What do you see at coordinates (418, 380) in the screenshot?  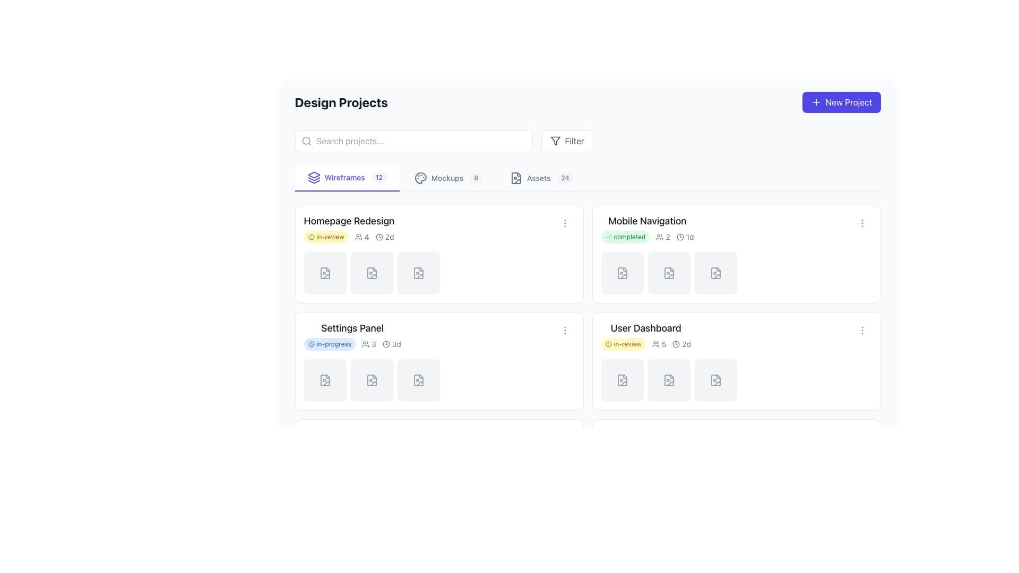 I see `the Icon placeholder in the Settings Panel card, which is a square element with a light gray background and a file document icon` at bounding box center [418, 380].